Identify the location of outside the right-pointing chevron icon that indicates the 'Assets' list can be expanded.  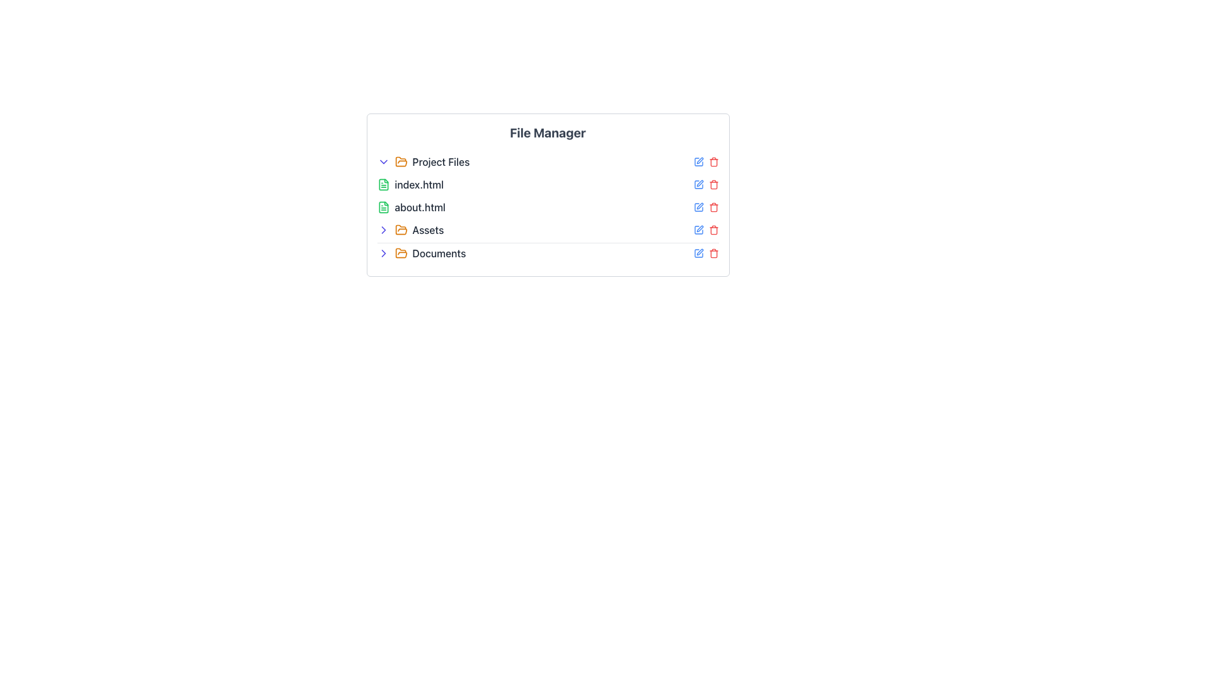
(383, 253).